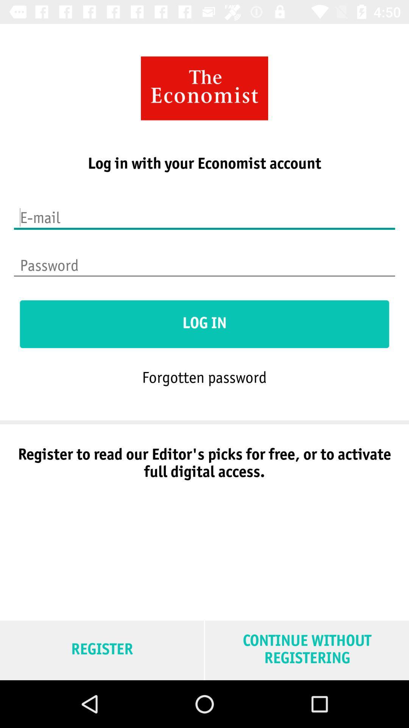 The height and width of the screenshot is (728, 409). Describe the element at coordinates (307, 650) in the screenshot. I see `continue without registering item` at that location.